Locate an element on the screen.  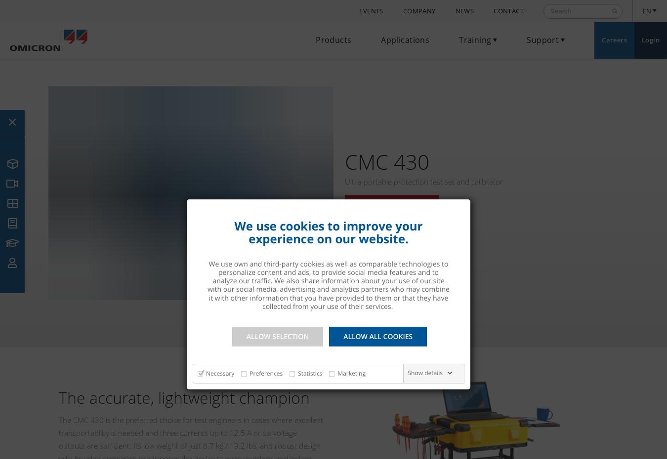
'We use own and third-party cookies as well as comparable technologies to personalize content and ads, to provide social media features and to analyze our traffic. We also share information about your use of our site with our social media, advertising and analytics partners who may combine it with other information that you have provided to them or that they have collected from your use of their services.' is located at coordinates (207, 285).